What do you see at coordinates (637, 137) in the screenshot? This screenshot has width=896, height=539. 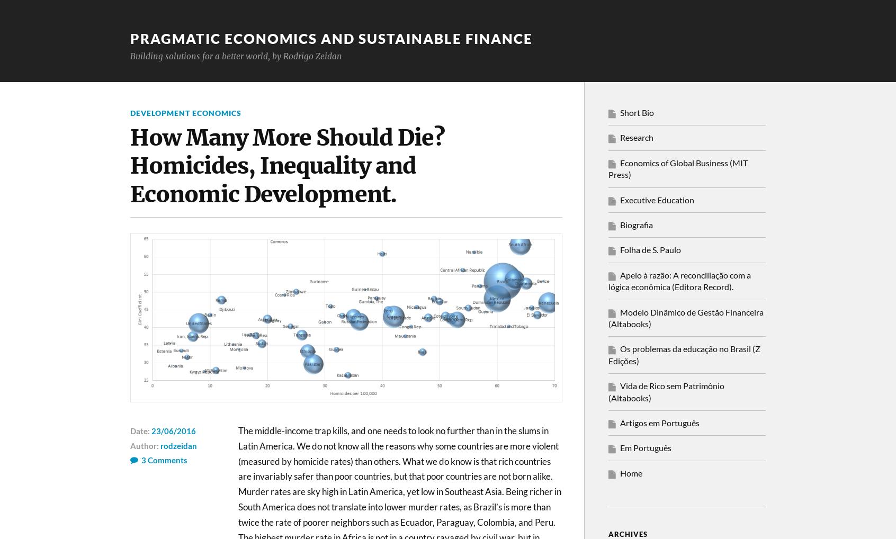 I see `'Research'` at bounding box center [637, 137].